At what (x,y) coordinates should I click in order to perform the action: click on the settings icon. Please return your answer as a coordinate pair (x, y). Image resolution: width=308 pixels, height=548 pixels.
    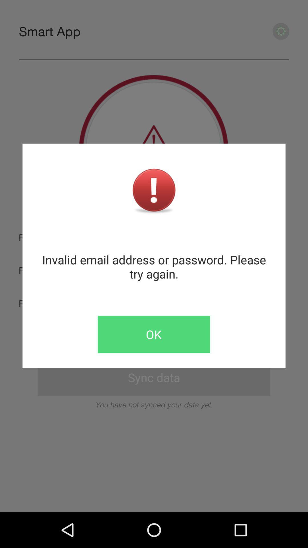
    Looking at the image, I should click on (281, 33).